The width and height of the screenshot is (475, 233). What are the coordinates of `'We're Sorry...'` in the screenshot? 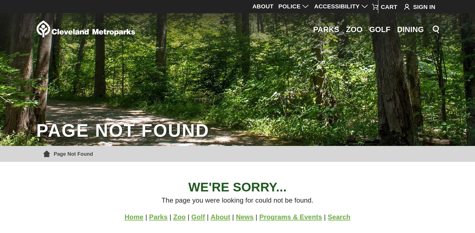 It's located at (237, 187).